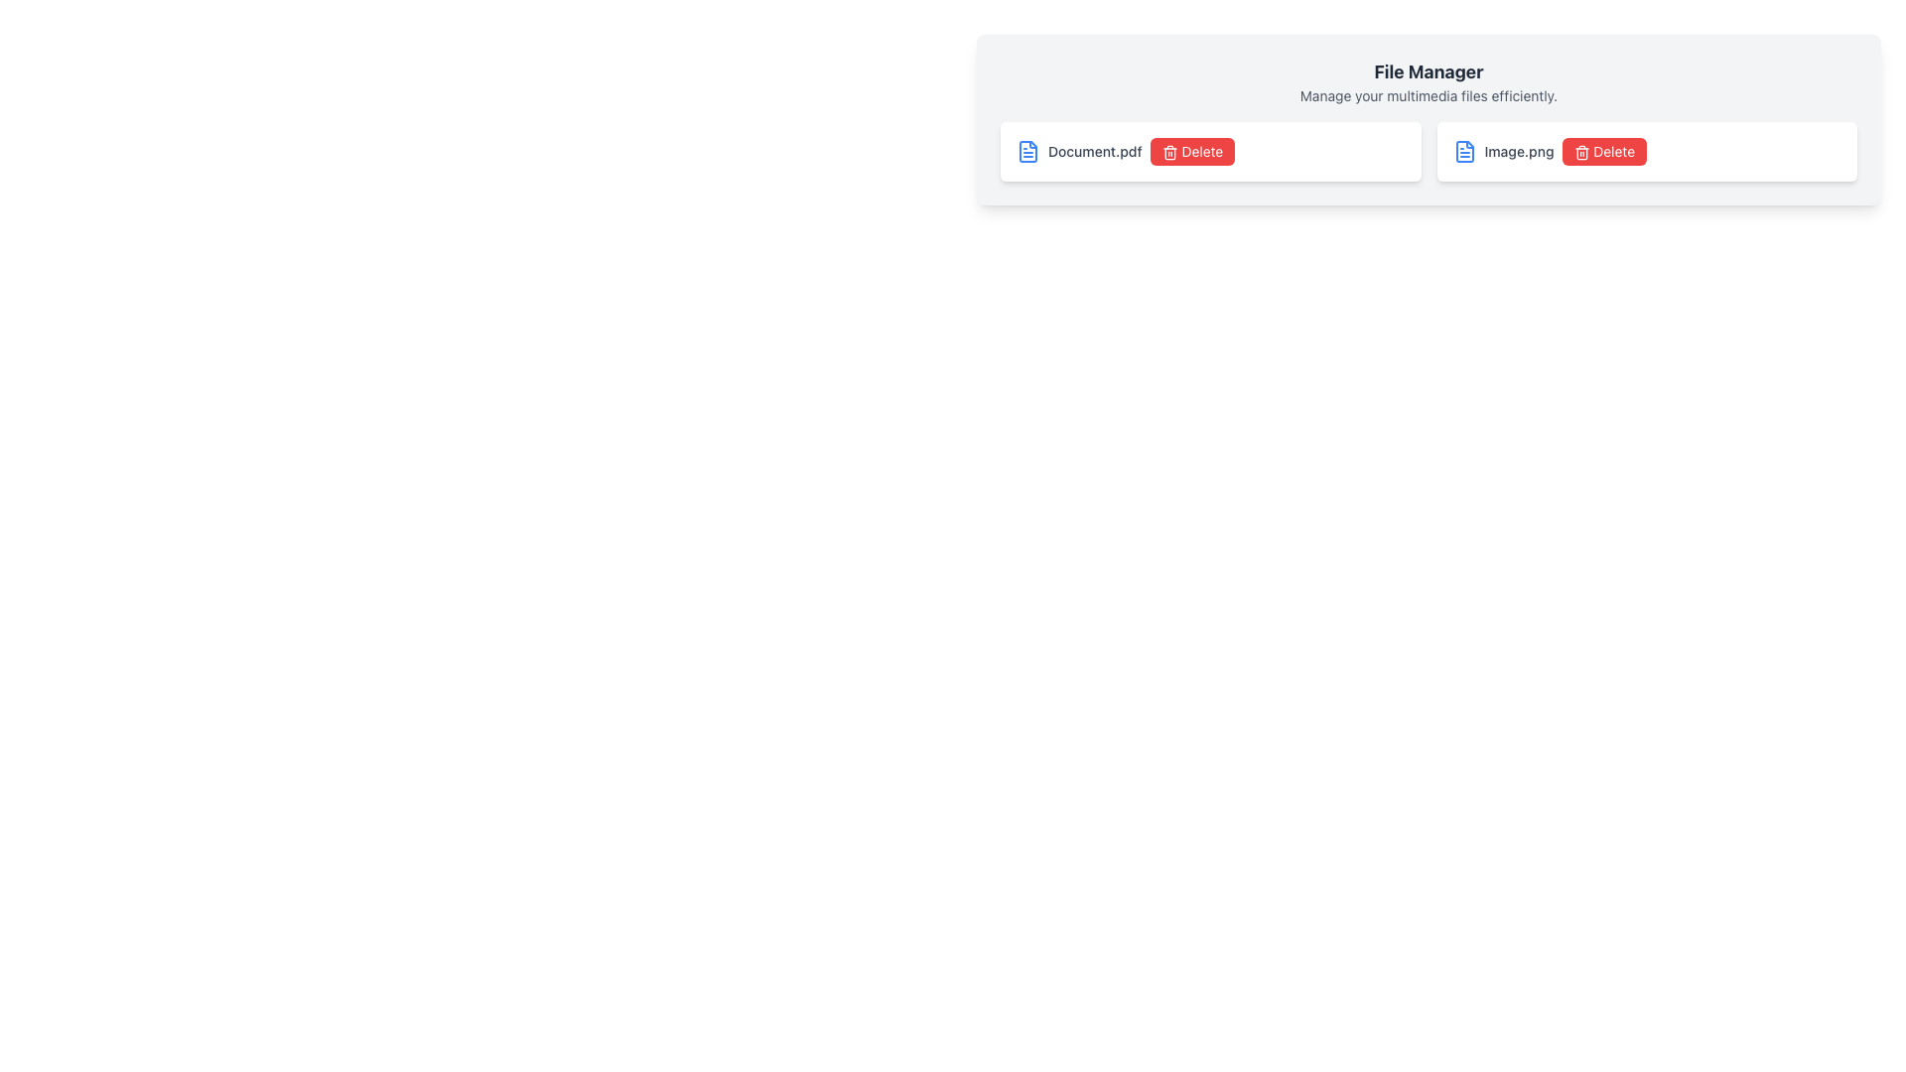 The image size is (1906, 1072). Describe the element at coordinates (1028, 151) in the screenshot. I see `the icon representing the file 'Document.pdf', which is positioned to the left of the text 'Document.pdf'` at that location.